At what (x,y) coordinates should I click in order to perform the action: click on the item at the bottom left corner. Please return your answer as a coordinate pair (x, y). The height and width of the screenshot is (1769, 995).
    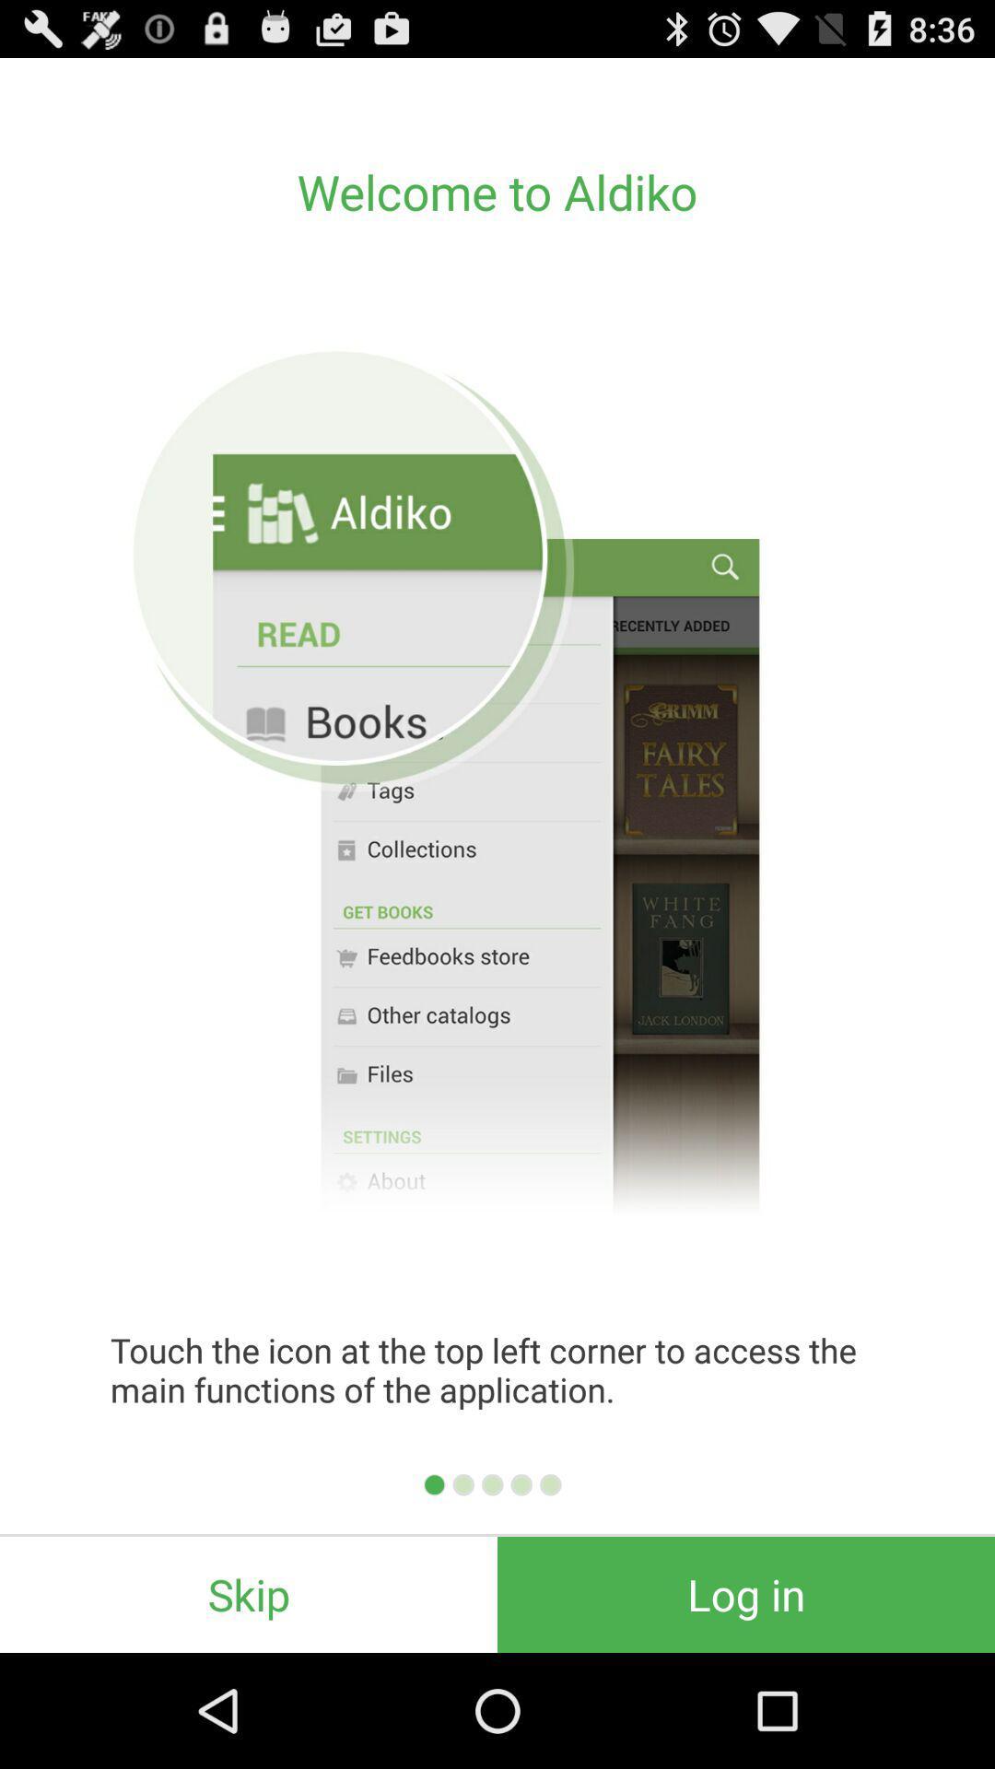
    Looking at the image, I should click on (249, 1594).